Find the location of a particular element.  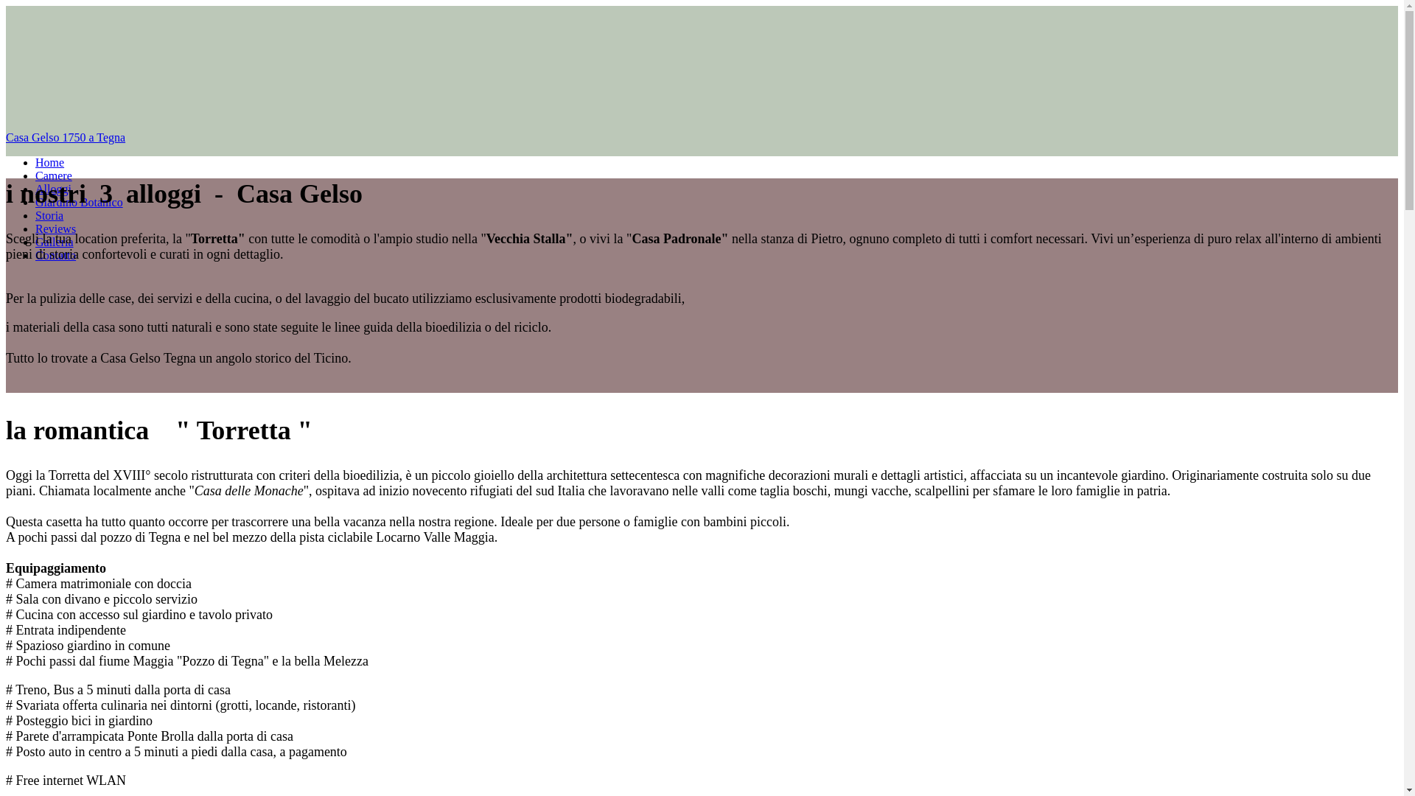

'Reviews' is located at coordinates (35, 228).